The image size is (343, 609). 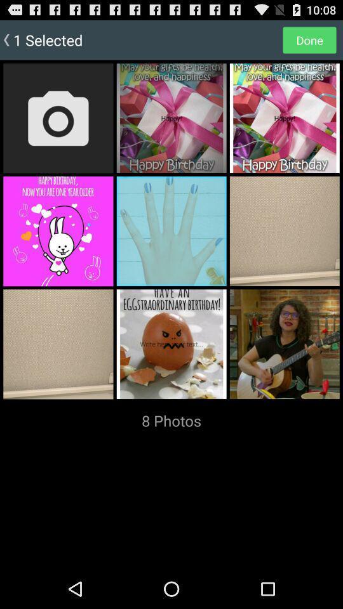 What do you see at coordinates (171, 421) in the screenshot?
I see `8 photos item` at bounding box center [171, 421].